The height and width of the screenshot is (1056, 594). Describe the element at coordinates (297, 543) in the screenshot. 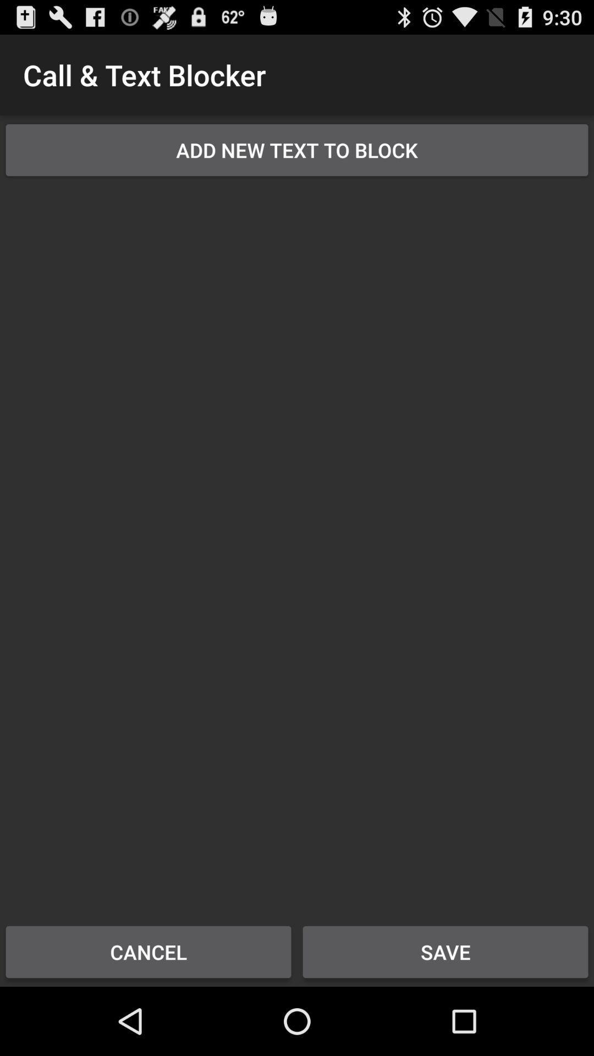

I see `the icon above the cancel button` at that location.